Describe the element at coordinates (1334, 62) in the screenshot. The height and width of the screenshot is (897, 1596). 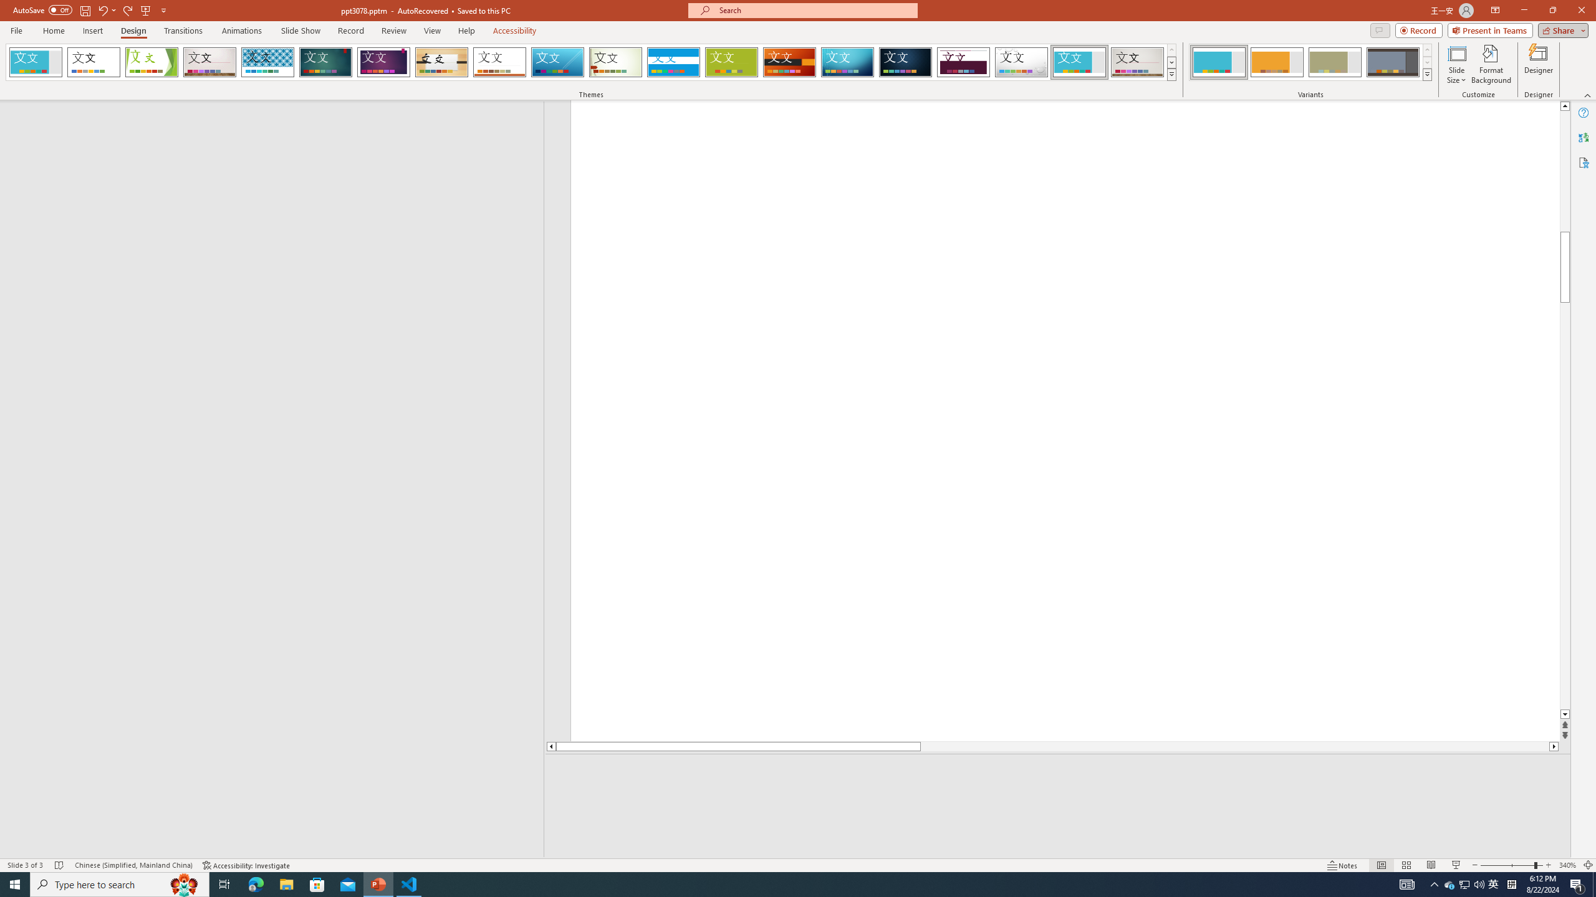
I see `'Frame Variant 3'` at that location.